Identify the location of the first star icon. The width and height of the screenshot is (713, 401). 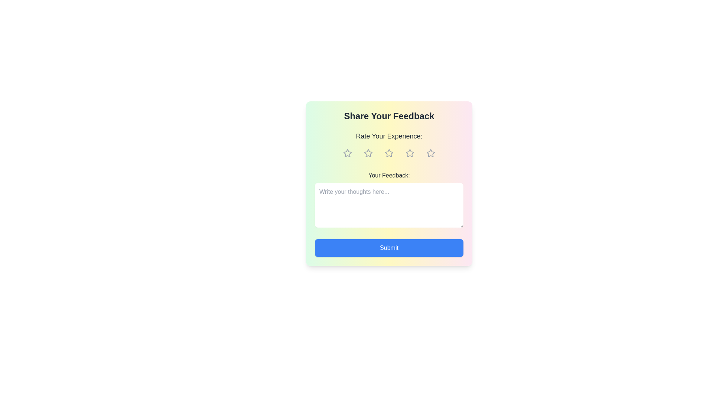
(347, 153).